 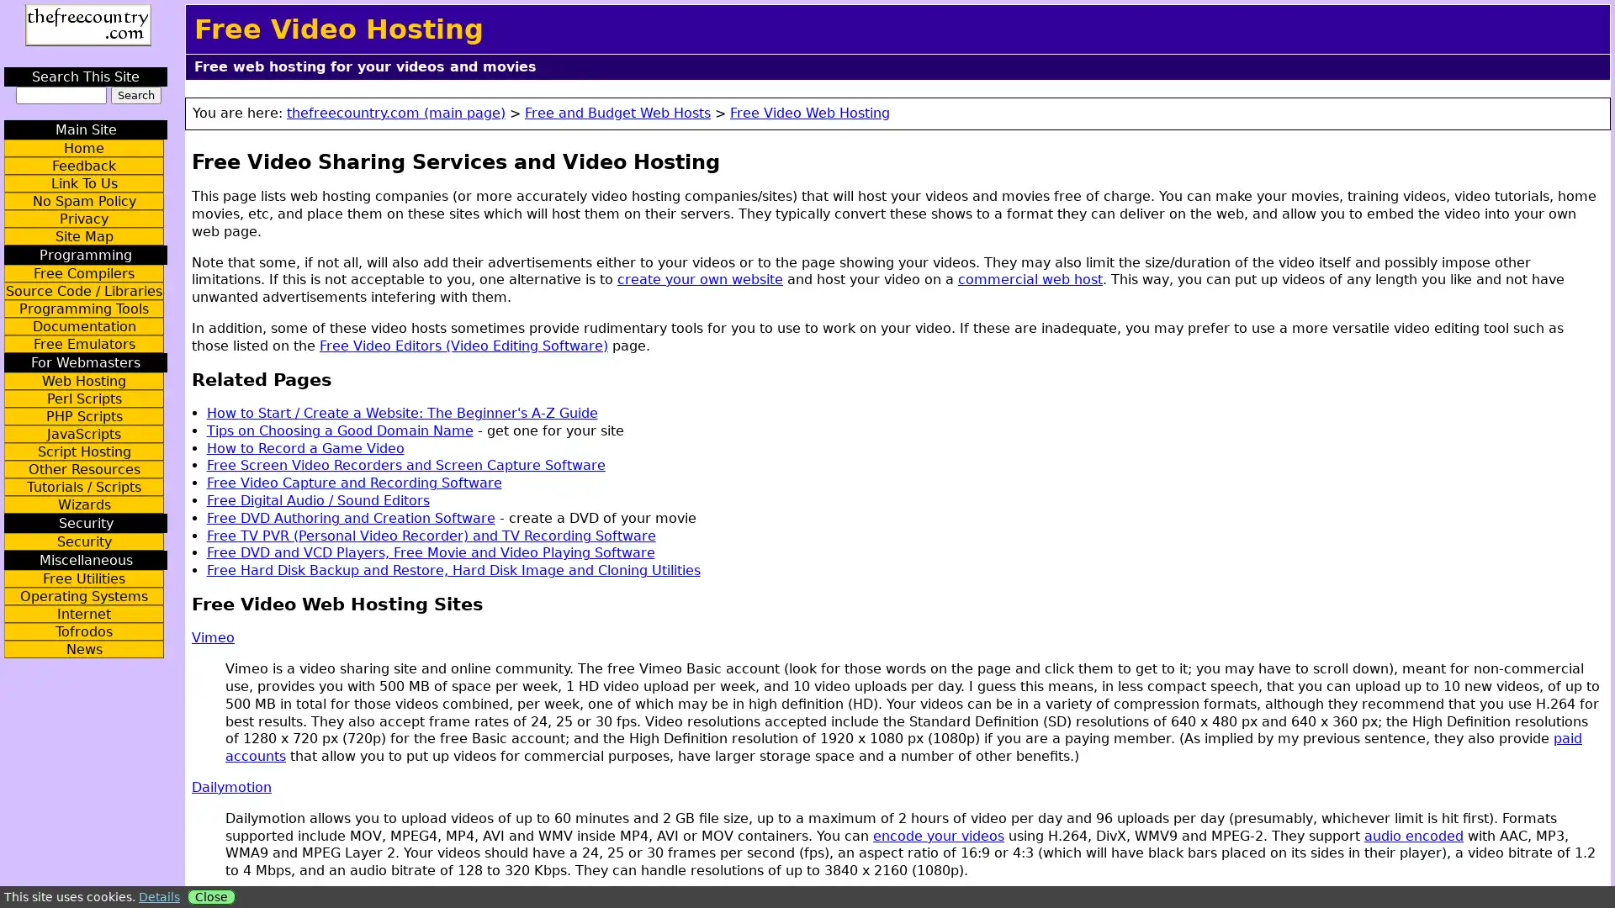 What do you see at coordinates (135, 95) in the screenshot?
I see `Search` at bounding box center [135, 95].